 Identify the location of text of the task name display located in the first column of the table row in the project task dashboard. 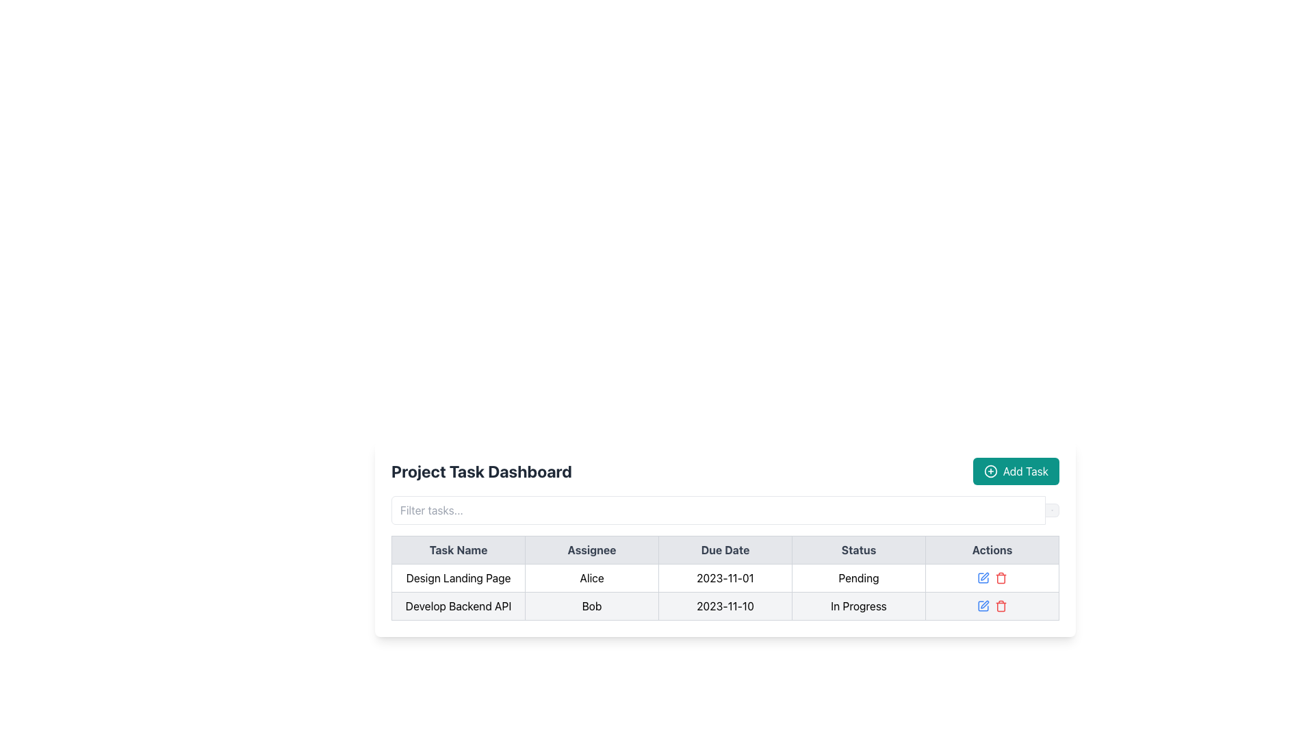
(459, 578).